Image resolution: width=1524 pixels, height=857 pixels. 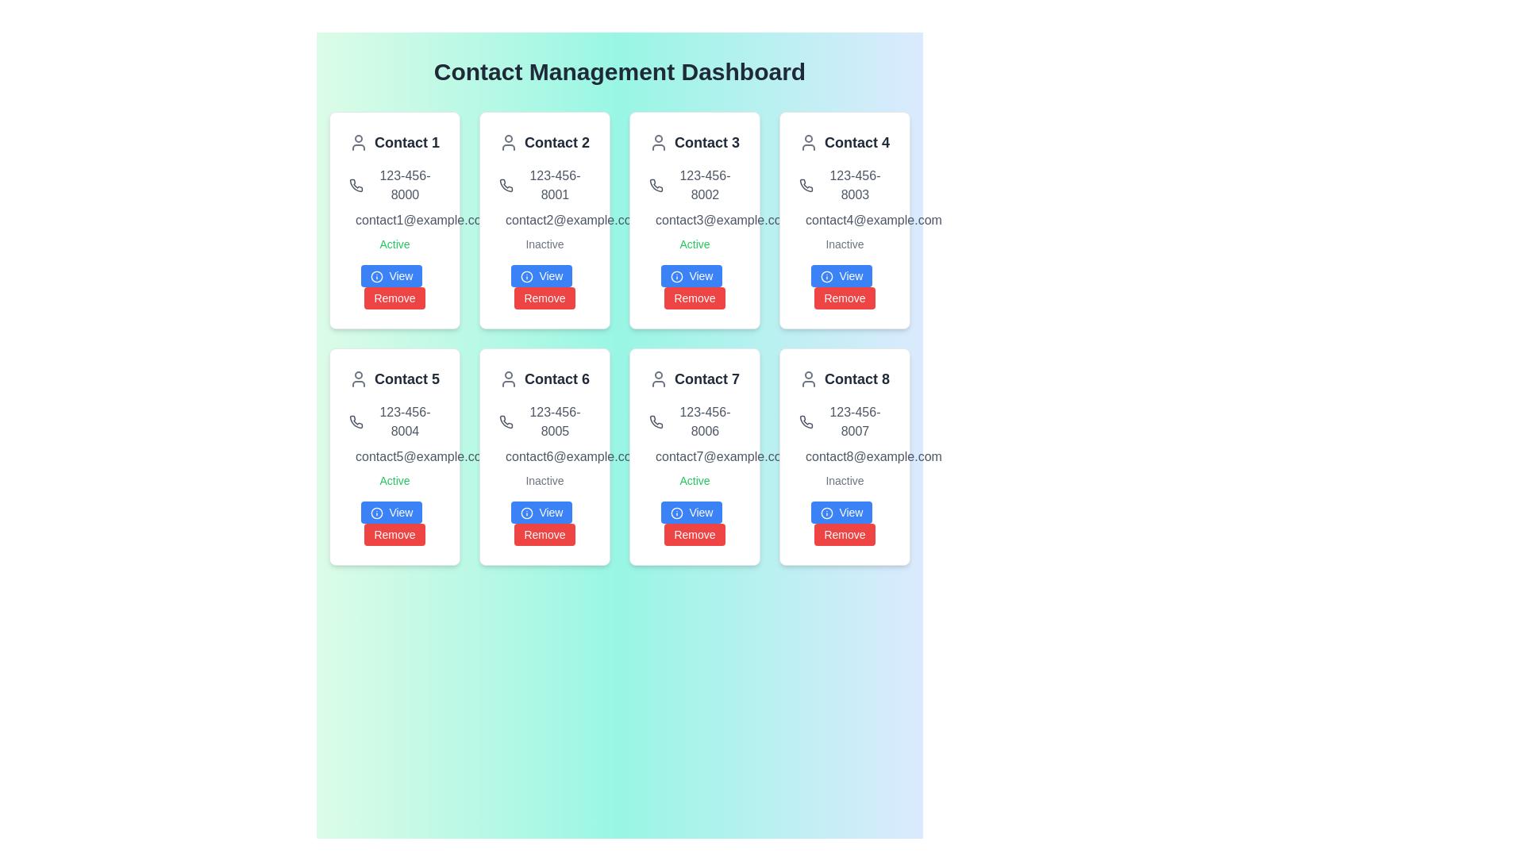 What do you see at coordinates (394, 244) in the screenshot?
I see `the text label indicating the activity status of 'Contact 1', which is located in the lower-middle portion of the card, beneath the email address and above the 'View' and 'Remove' buttons` at bounding box center [394, 244].